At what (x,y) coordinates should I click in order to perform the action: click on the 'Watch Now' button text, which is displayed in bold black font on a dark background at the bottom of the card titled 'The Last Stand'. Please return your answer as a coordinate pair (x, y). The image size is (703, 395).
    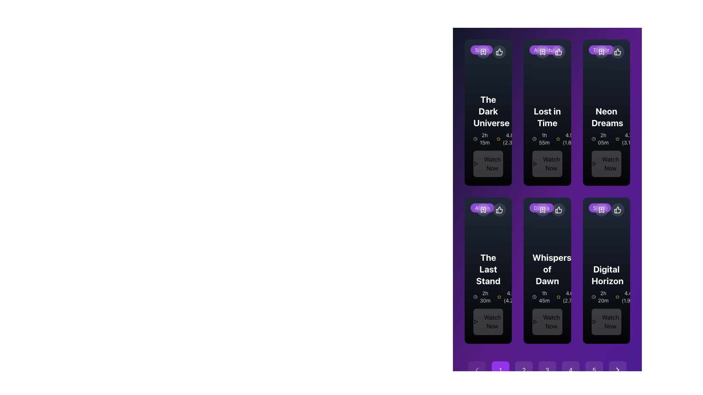
    Looking at the image, I should click on (492, 321).